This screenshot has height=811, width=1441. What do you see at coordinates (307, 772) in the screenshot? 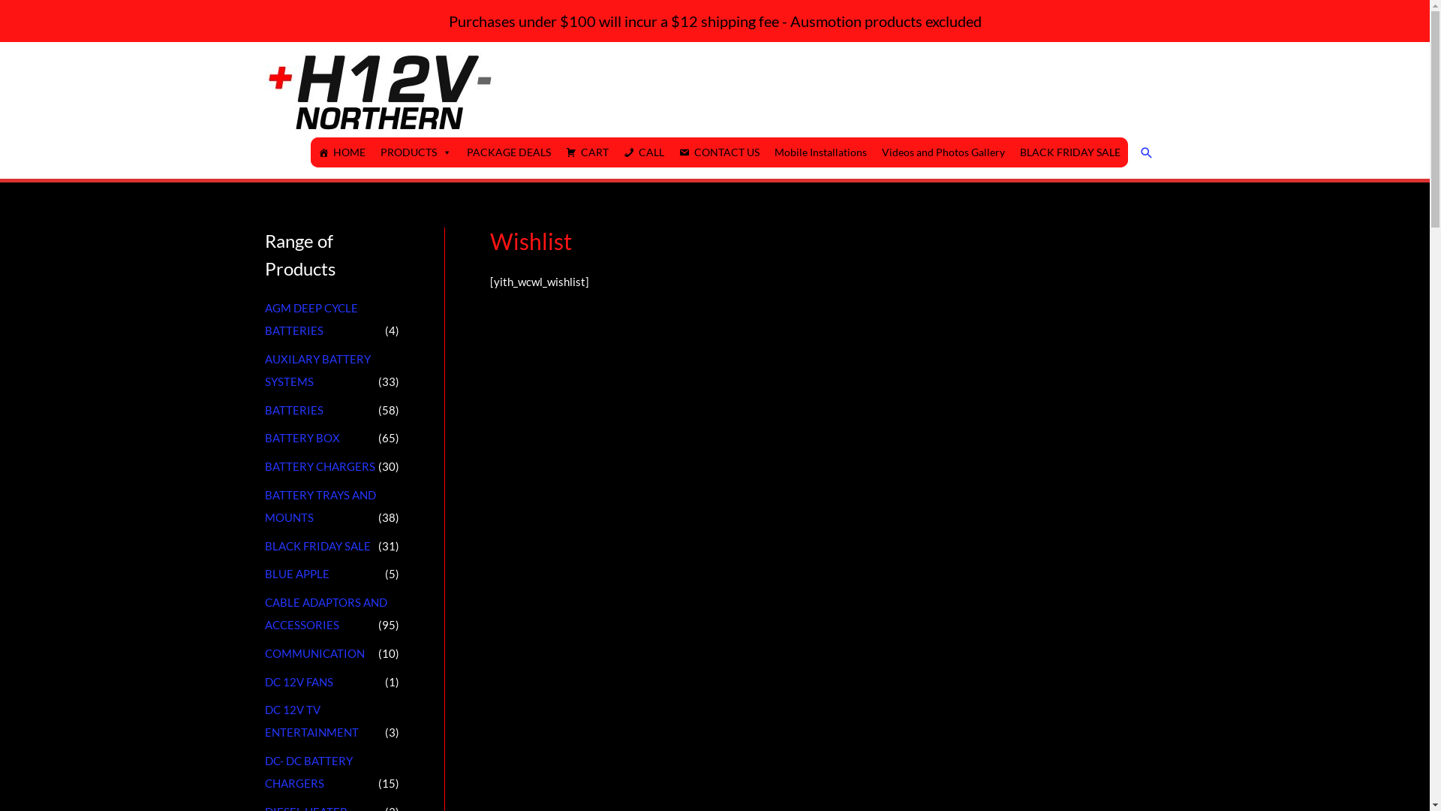
I see `'DC- DC BATTERY CHARGERS'` at bounding box center [307, 772].